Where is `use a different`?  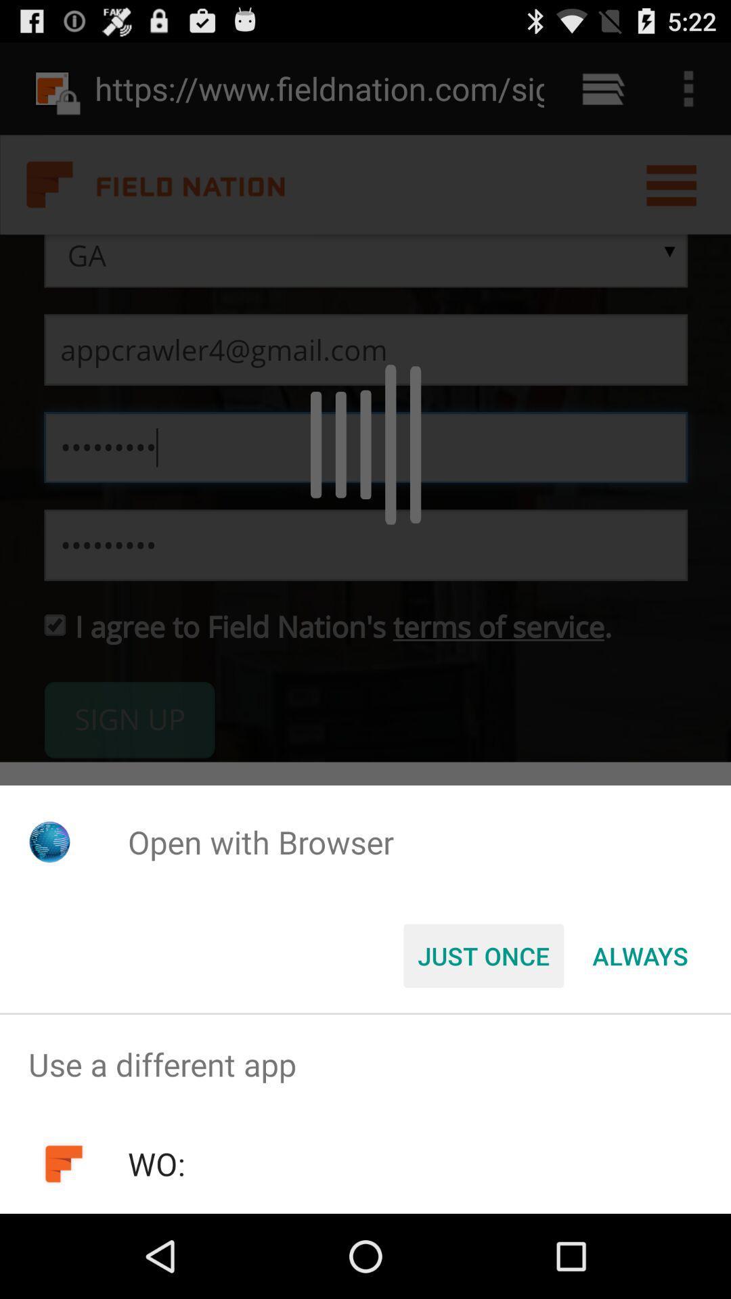
use a different is located at coordinates (365, 1064).